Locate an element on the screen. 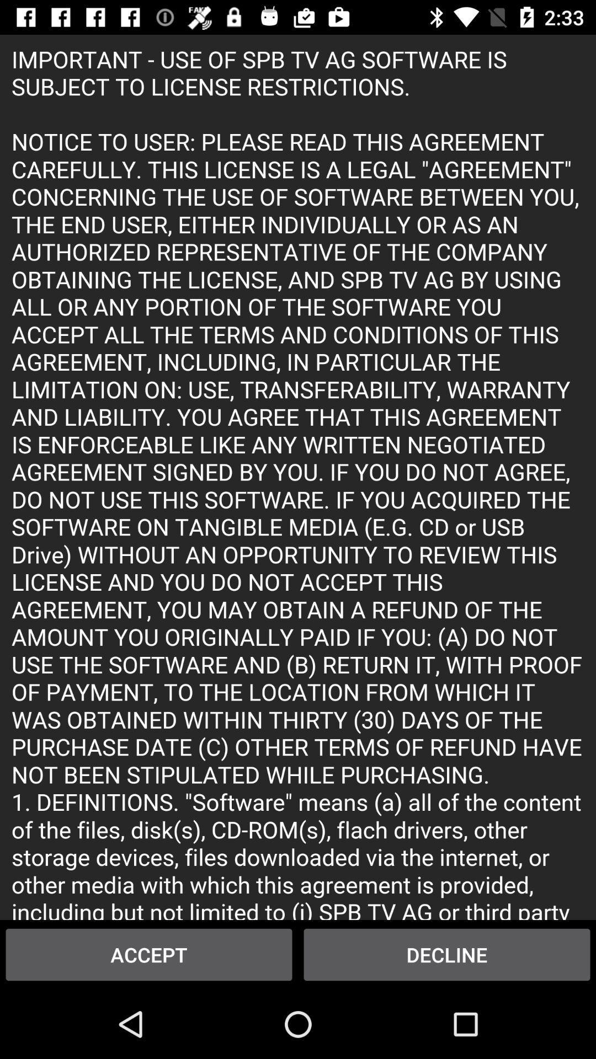 The height and width of the screenshot is (1059, 596). accept icon is located at coordinates (149, 954).